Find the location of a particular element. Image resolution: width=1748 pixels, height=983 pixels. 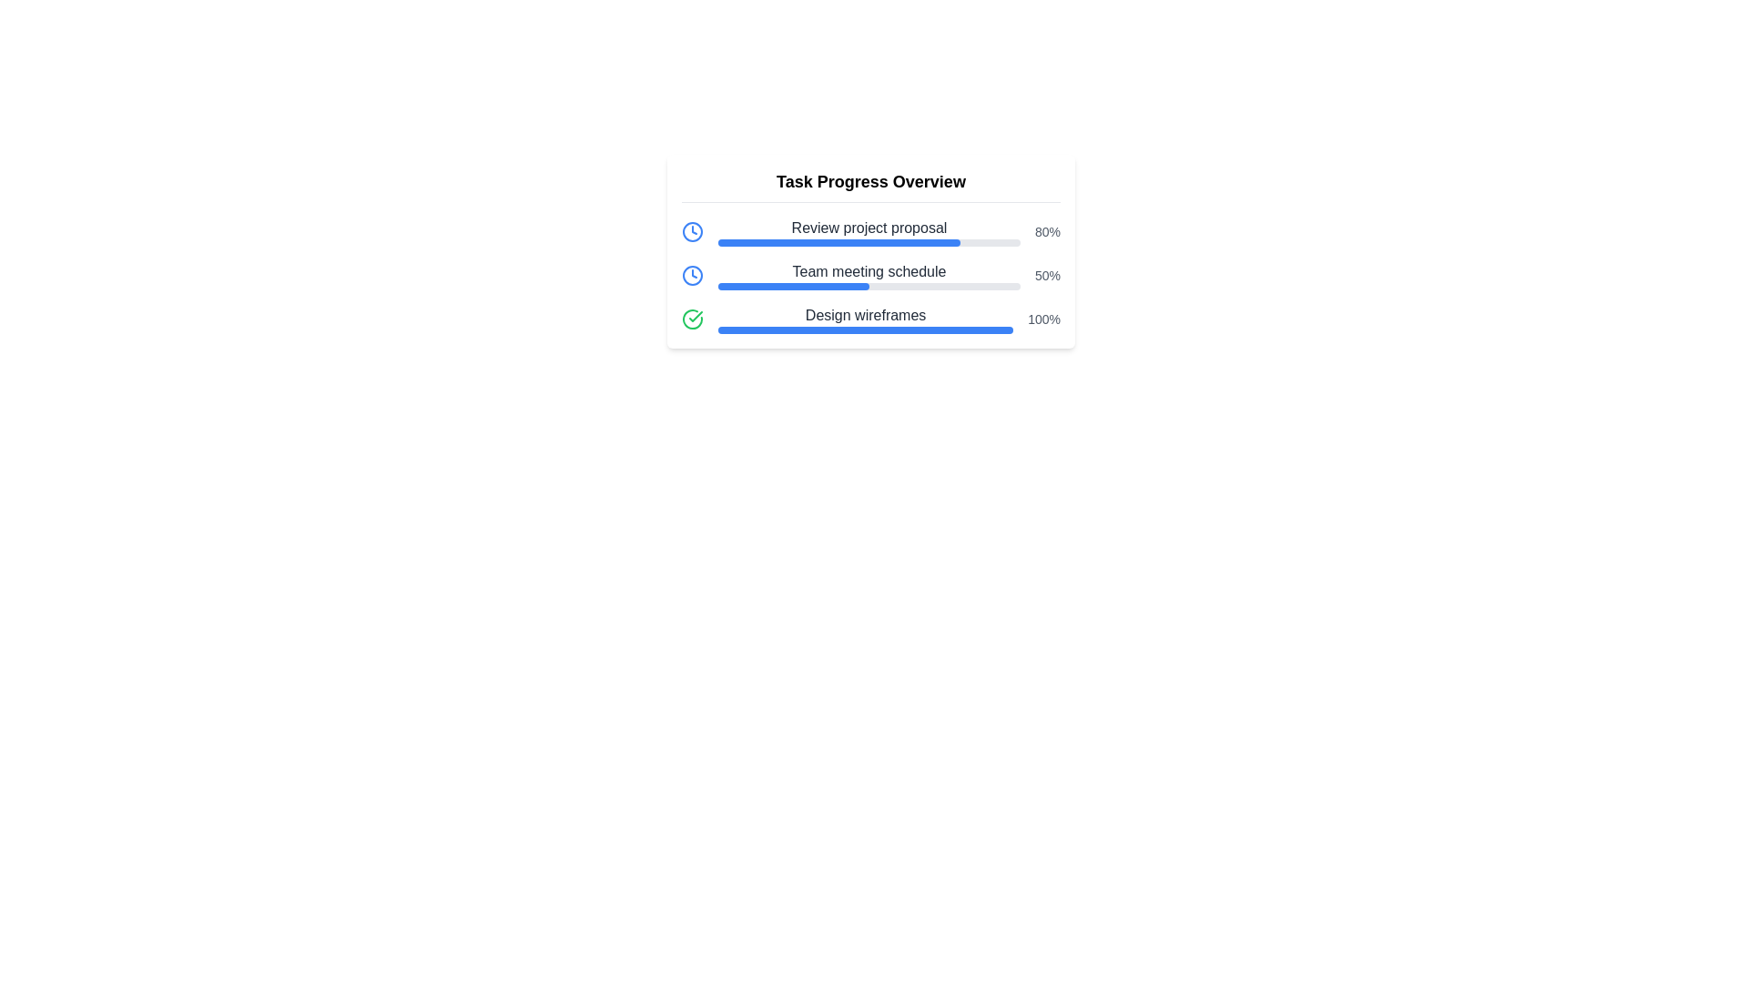

the progress visually on the 'Team meeting schedule' progress display element, which includes a blue progress bar, a clock icon, and the text '50%' indicating progress is located at coordinates (869, 276).